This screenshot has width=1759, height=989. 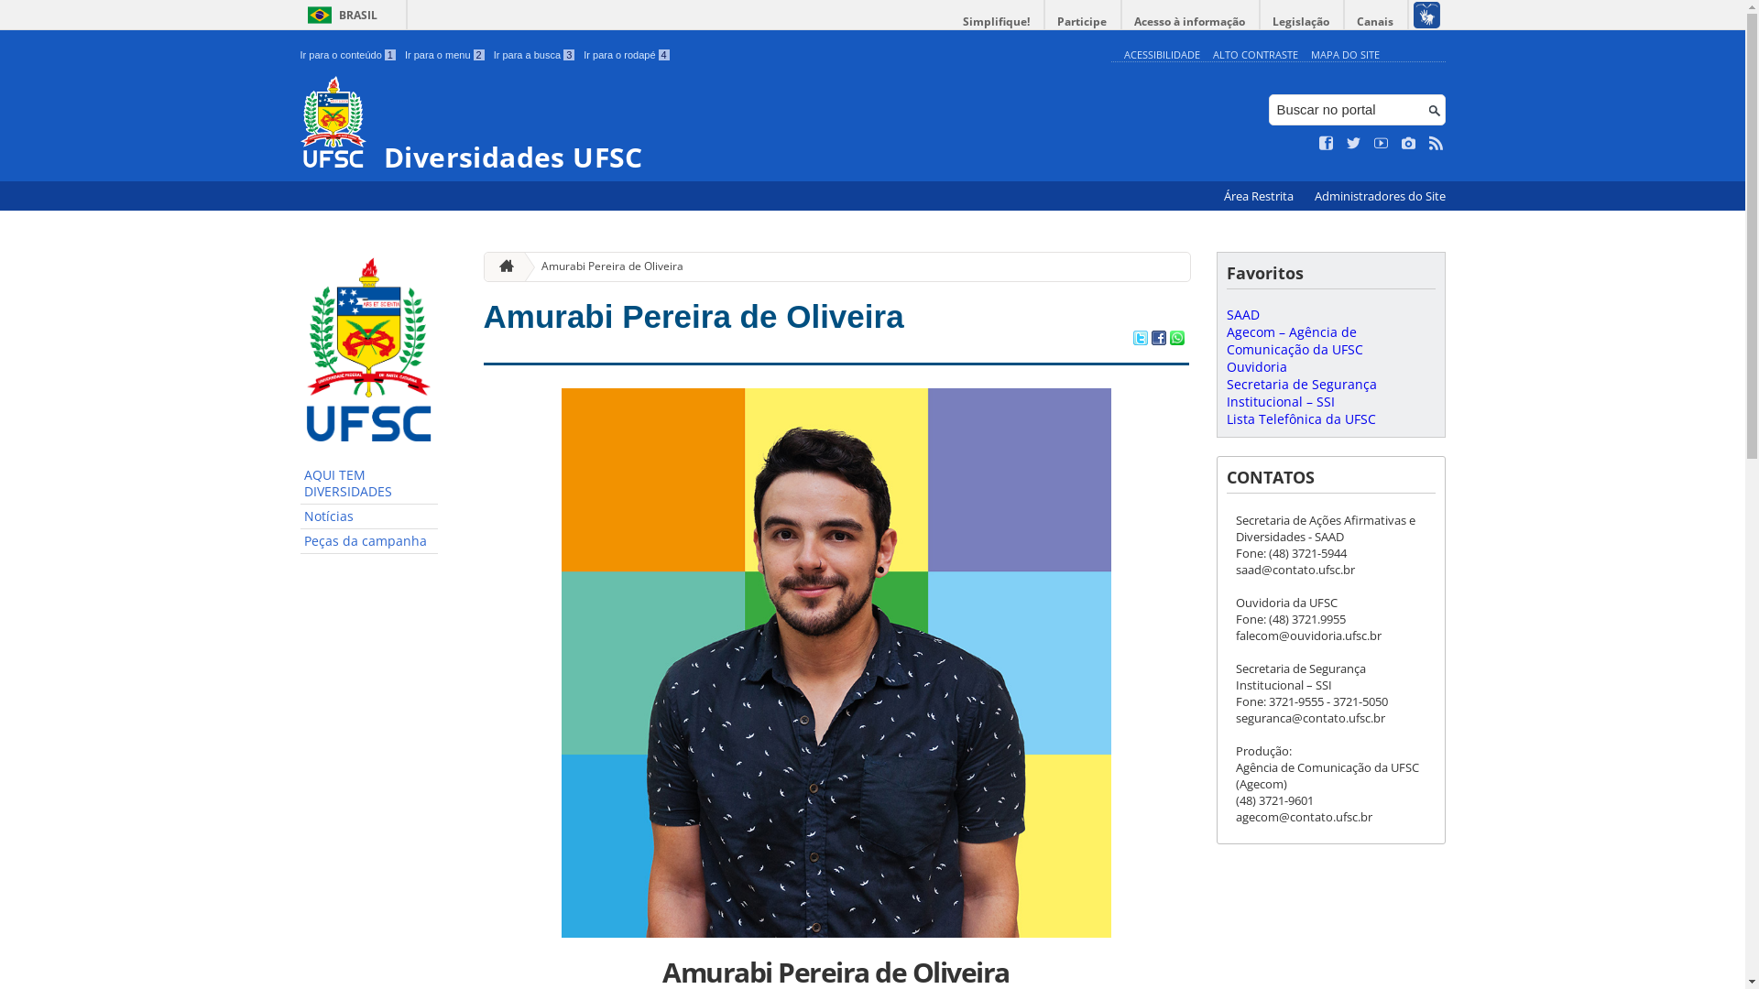 What do you see at coordinates (1255, 366) in the screenshot?
I see `'Ouvidoria'` at bounding box center [1255, 366].